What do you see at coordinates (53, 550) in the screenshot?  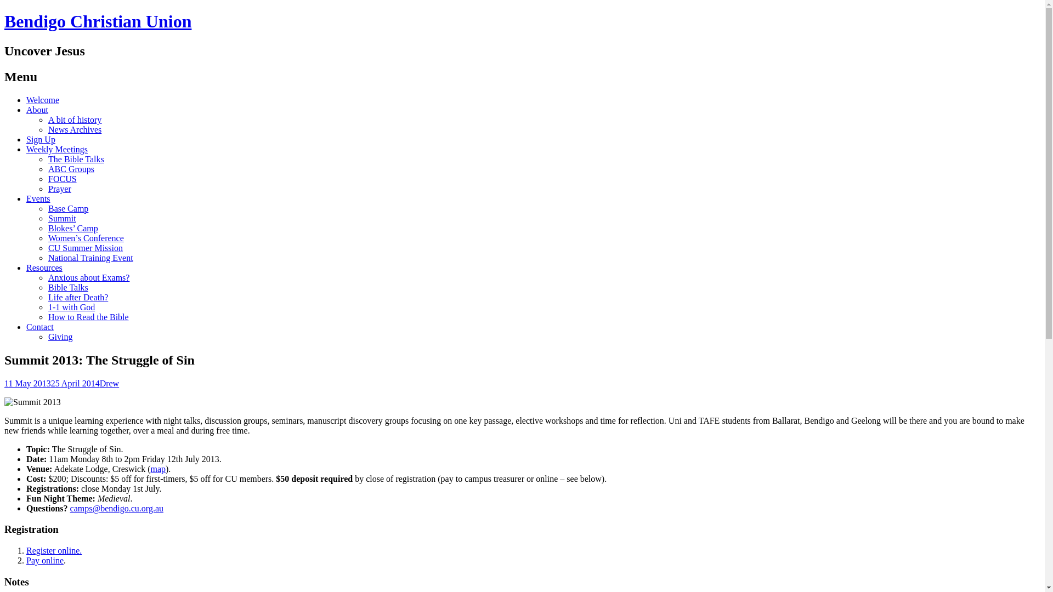 I see `'Register online.'` at bounding box center [53, 550].